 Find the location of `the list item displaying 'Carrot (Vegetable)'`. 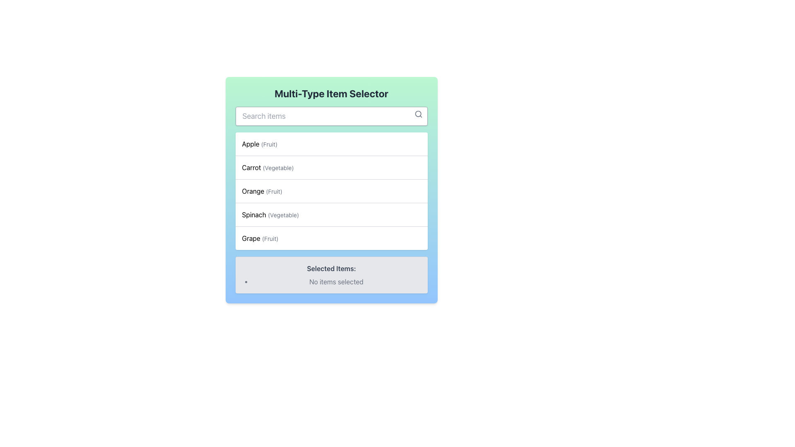

the list item displaying 'Carrot (Vegetable)' is located at coordinates (331, 167).